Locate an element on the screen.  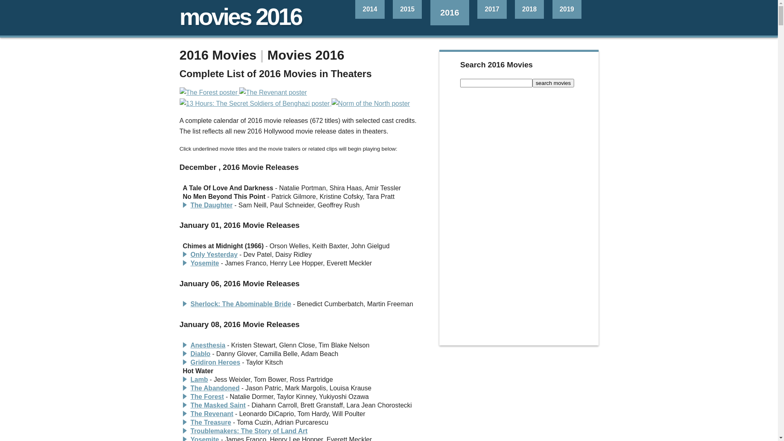
'Lamb' is located at coordinates (199, 379).